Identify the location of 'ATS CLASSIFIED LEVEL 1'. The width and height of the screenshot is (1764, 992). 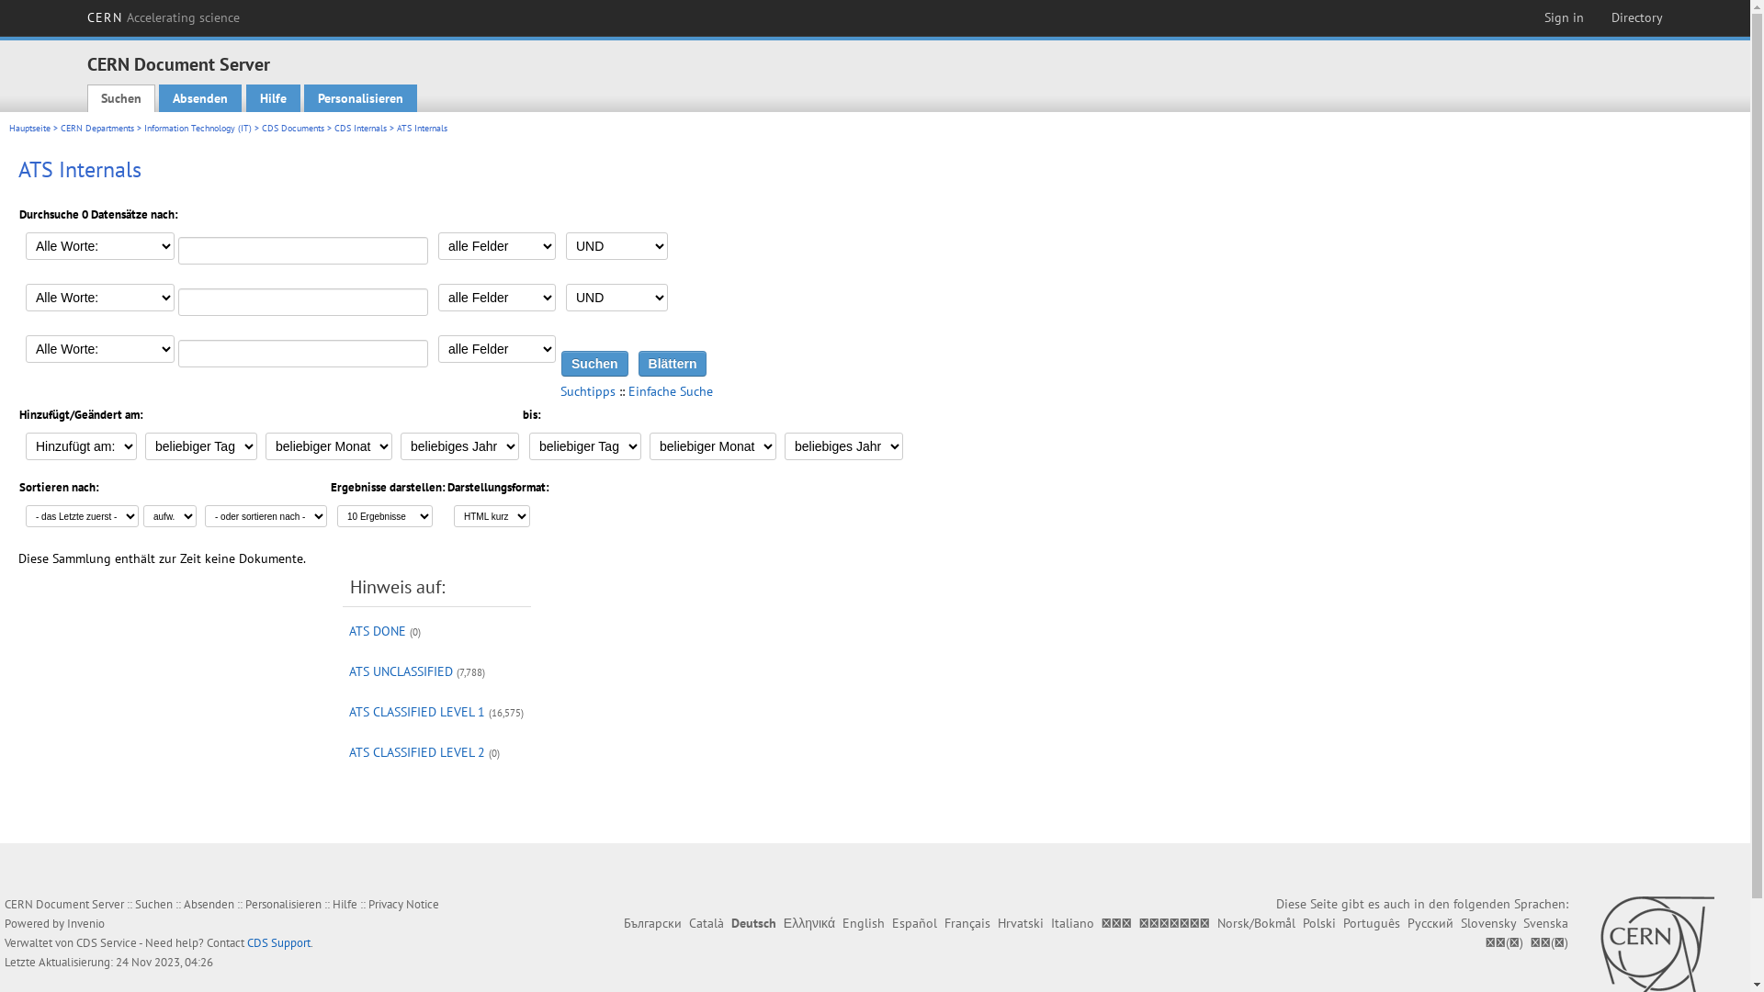
(416, 711).